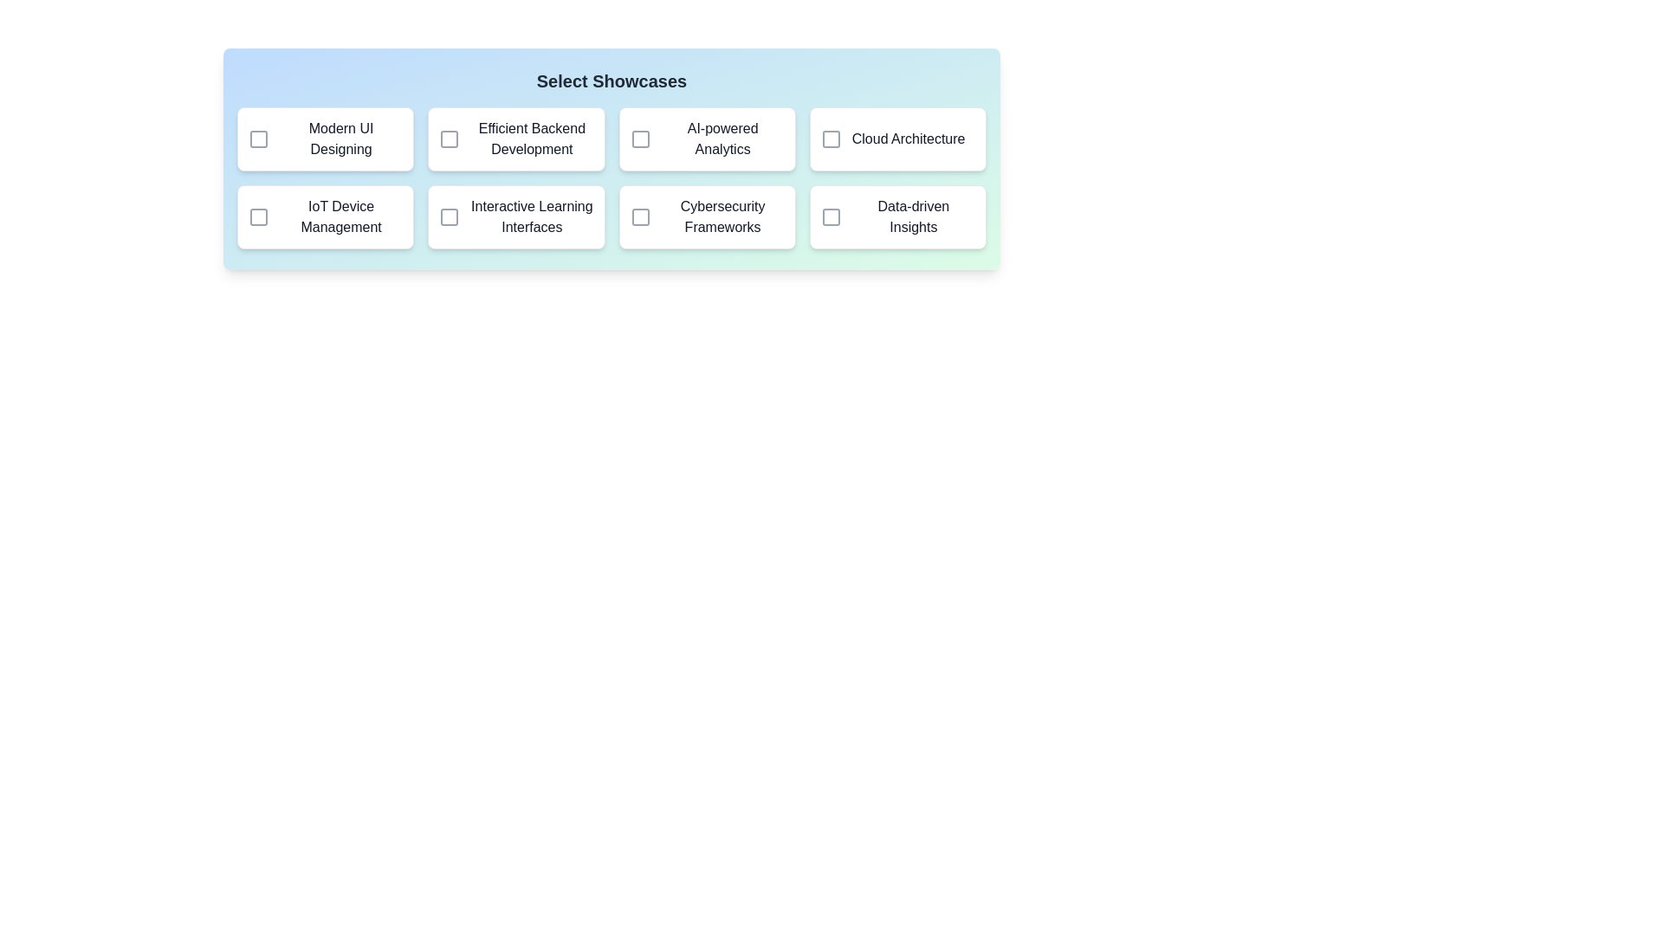  I want to click on the showcase item labeled 'Data-driven Insights' to observe the hover effect, so click(897, 216).